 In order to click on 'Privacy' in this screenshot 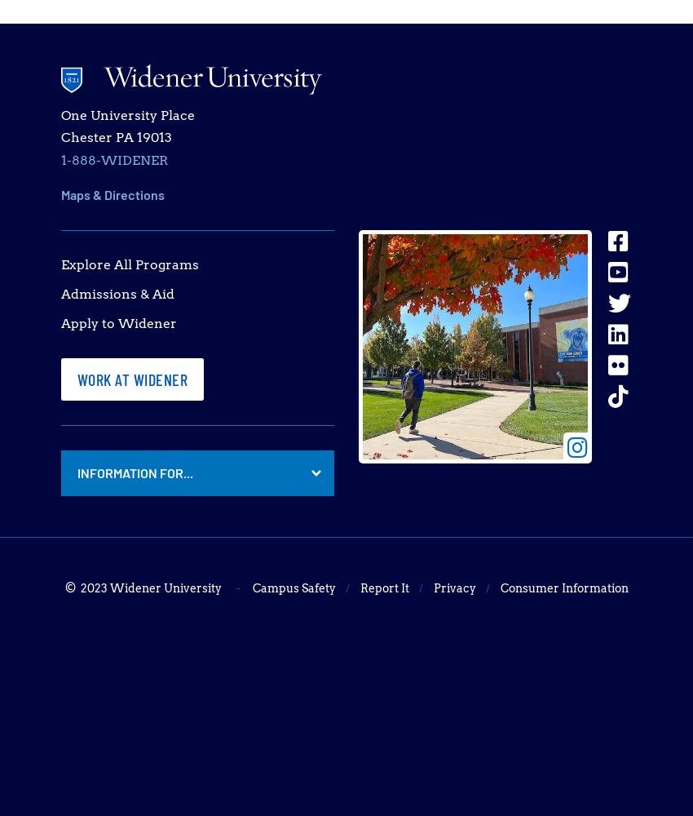, I will do `click(454, 588)`.